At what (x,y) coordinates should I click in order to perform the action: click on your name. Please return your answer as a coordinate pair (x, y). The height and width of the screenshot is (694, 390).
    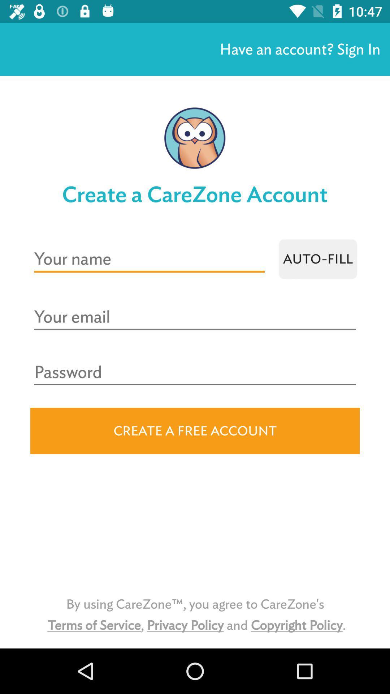
    Looking at the image, I should click on (149, 259).